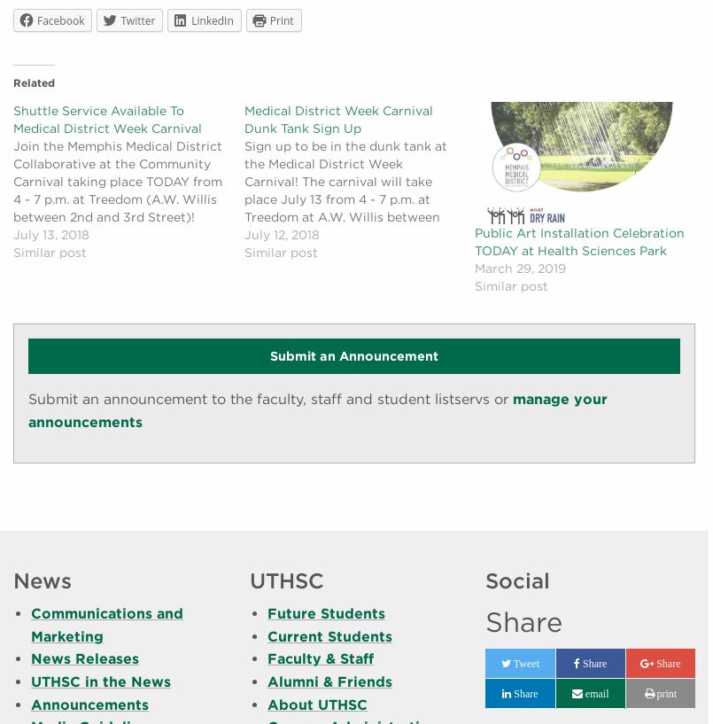  I want to click on 'Submit an announcement to the faculty, staff and student listservs or', so click(28, 399).